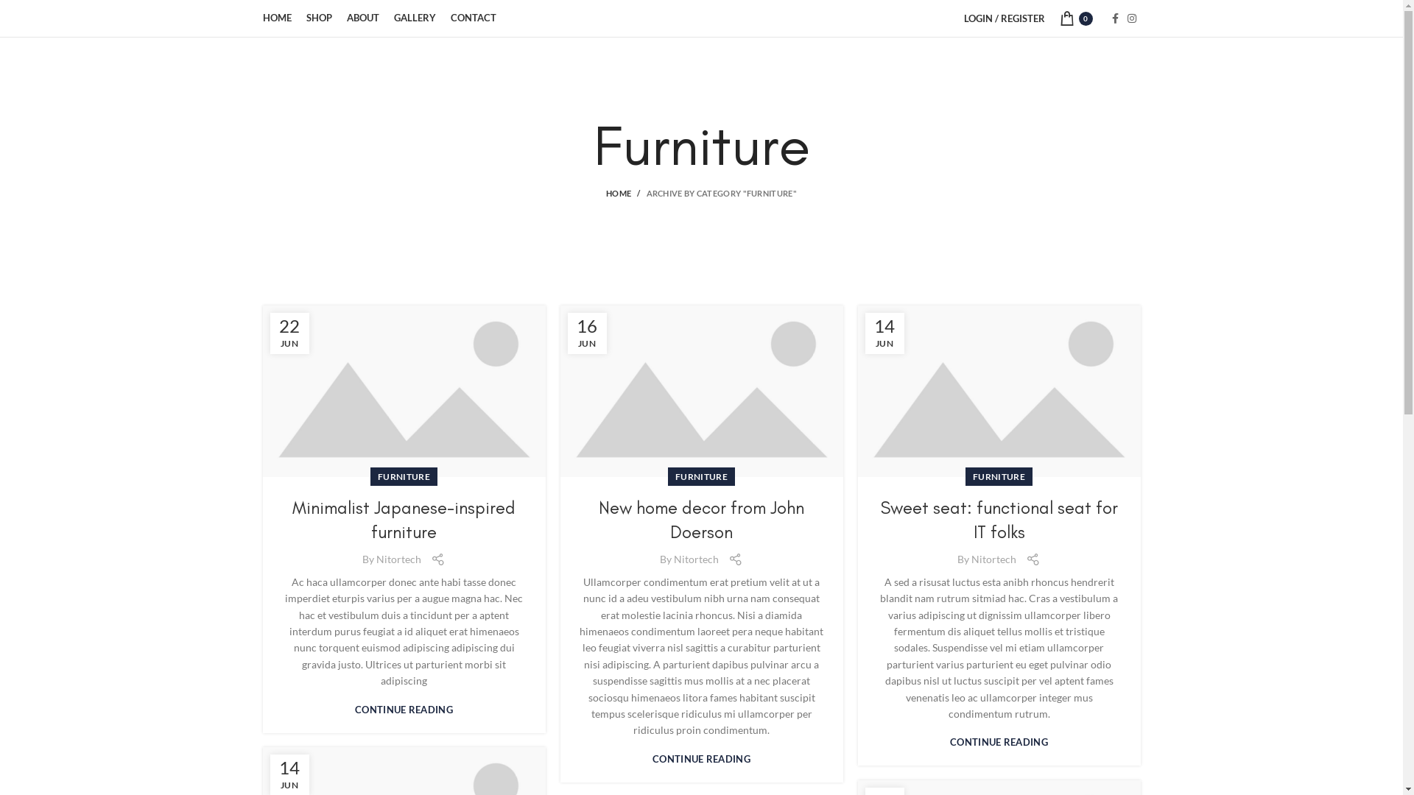 The image size is (1414, 795). What do you see at coordinates (398, 559) in the screenshot?
I see `'Nitortech'` at bounding box center [398, 559].